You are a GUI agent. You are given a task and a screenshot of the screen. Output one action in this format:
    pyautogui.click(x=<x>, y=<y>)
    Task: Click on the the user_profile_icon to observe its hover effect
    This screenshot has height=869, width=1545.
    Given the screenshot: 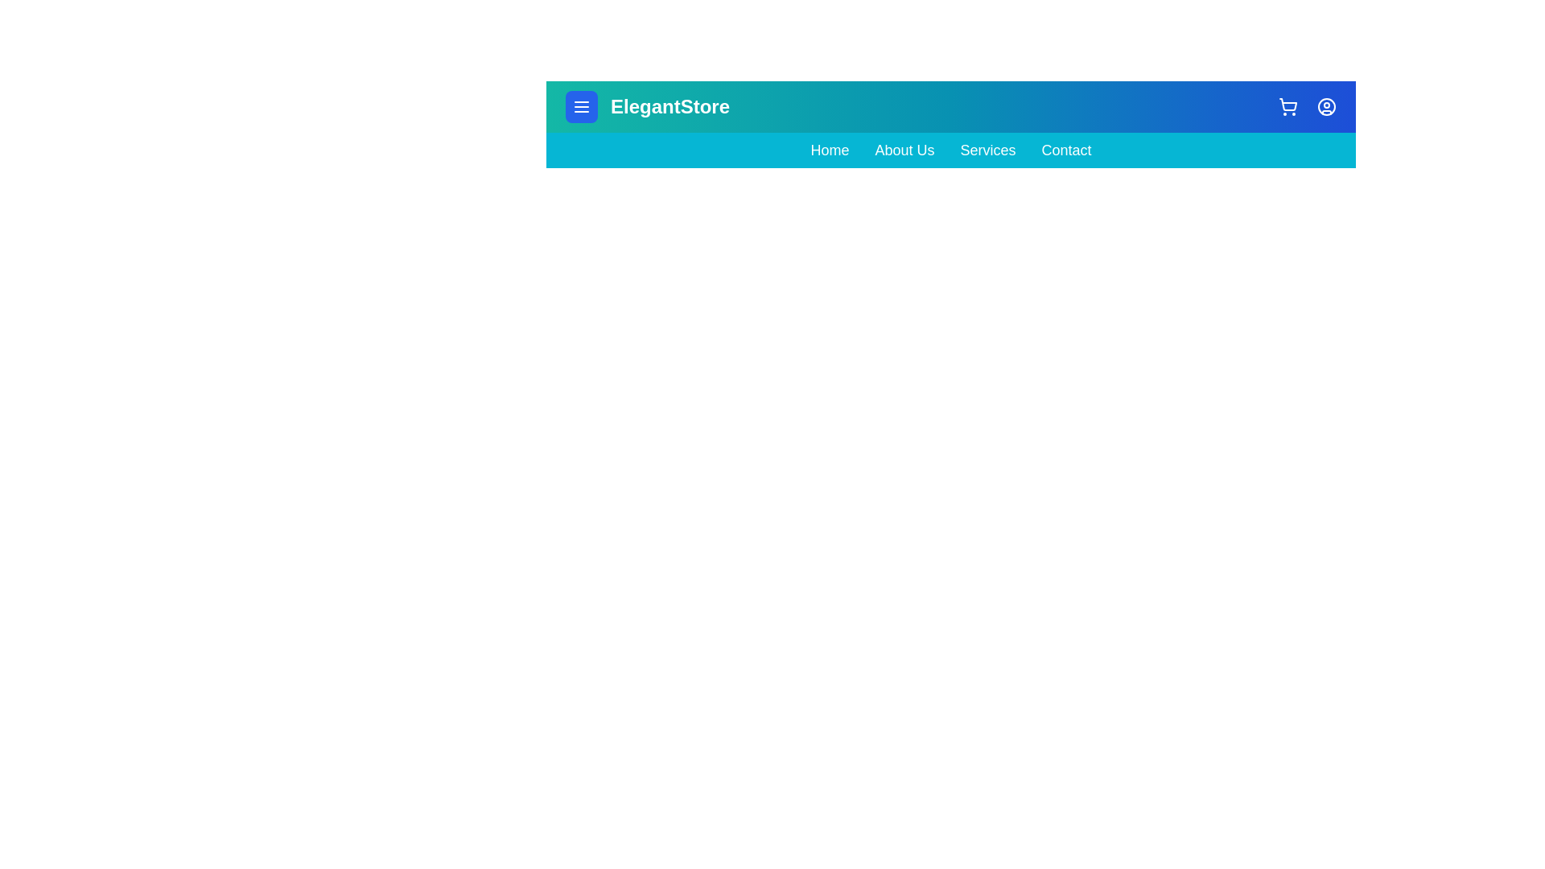 What is the action you would take?
    pyautogui.click(x=1327, y=106)
    